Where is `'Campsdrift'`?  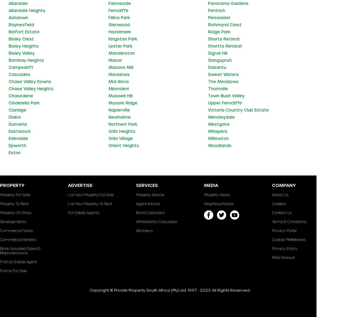 'Campsdrift' is located at coordinates (8, 67).